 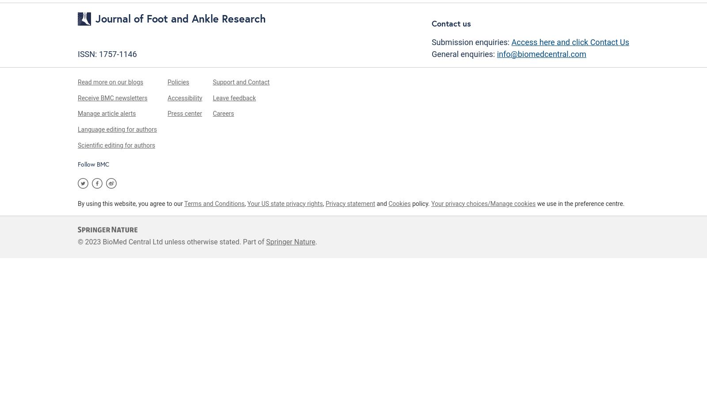 I want to click on 'Press center', so click(x=184, y=113).